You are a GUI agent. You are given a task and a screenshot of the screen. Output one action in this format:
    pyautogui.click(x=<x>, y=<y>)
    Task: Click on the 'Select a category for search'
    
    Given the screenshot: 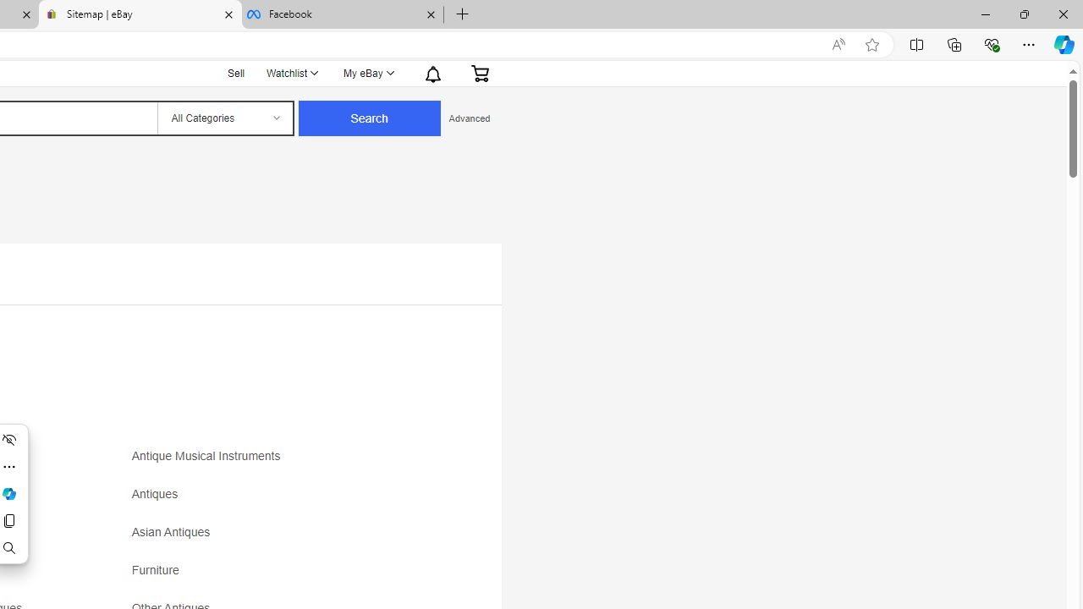 What is the action you would take?
    pyautogui.click(x=223, y=118)
    